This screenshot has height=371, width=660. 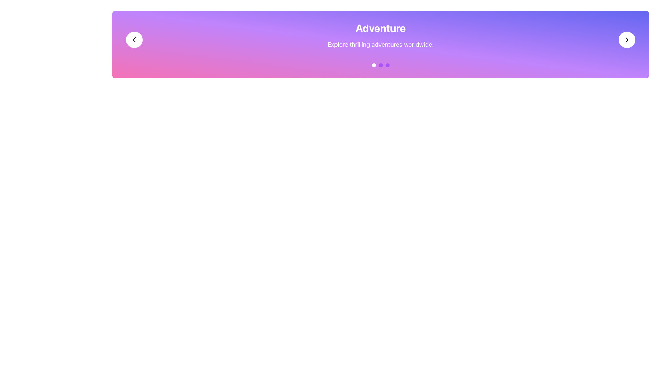 I want to click on the second circular purple Indicator Button located below the 'Adventure' header, so click(x=380, y=65).